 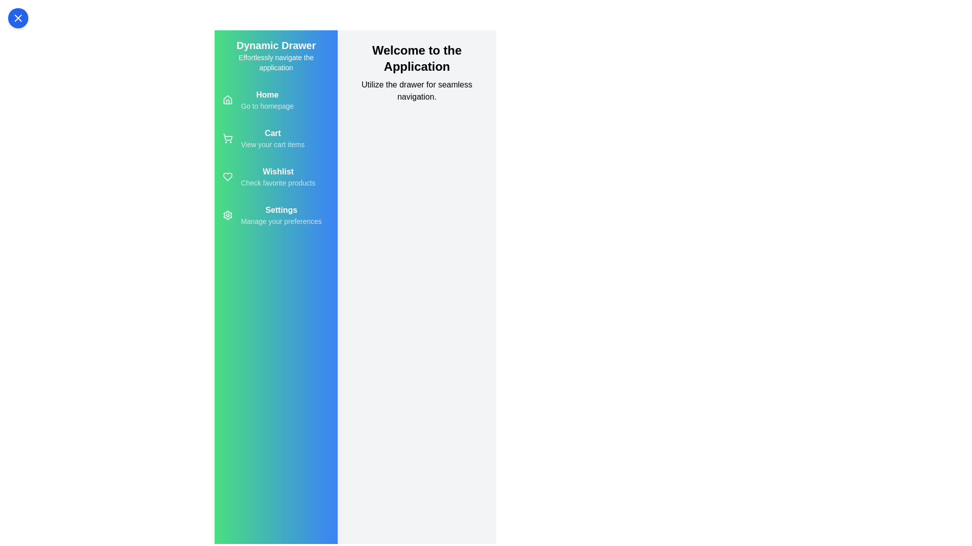 What do you see at coordinates (267, 100) in the screenshot?
I see `the 'Home' menu item to navigate to the homepage` at bounding box center [267, 100].